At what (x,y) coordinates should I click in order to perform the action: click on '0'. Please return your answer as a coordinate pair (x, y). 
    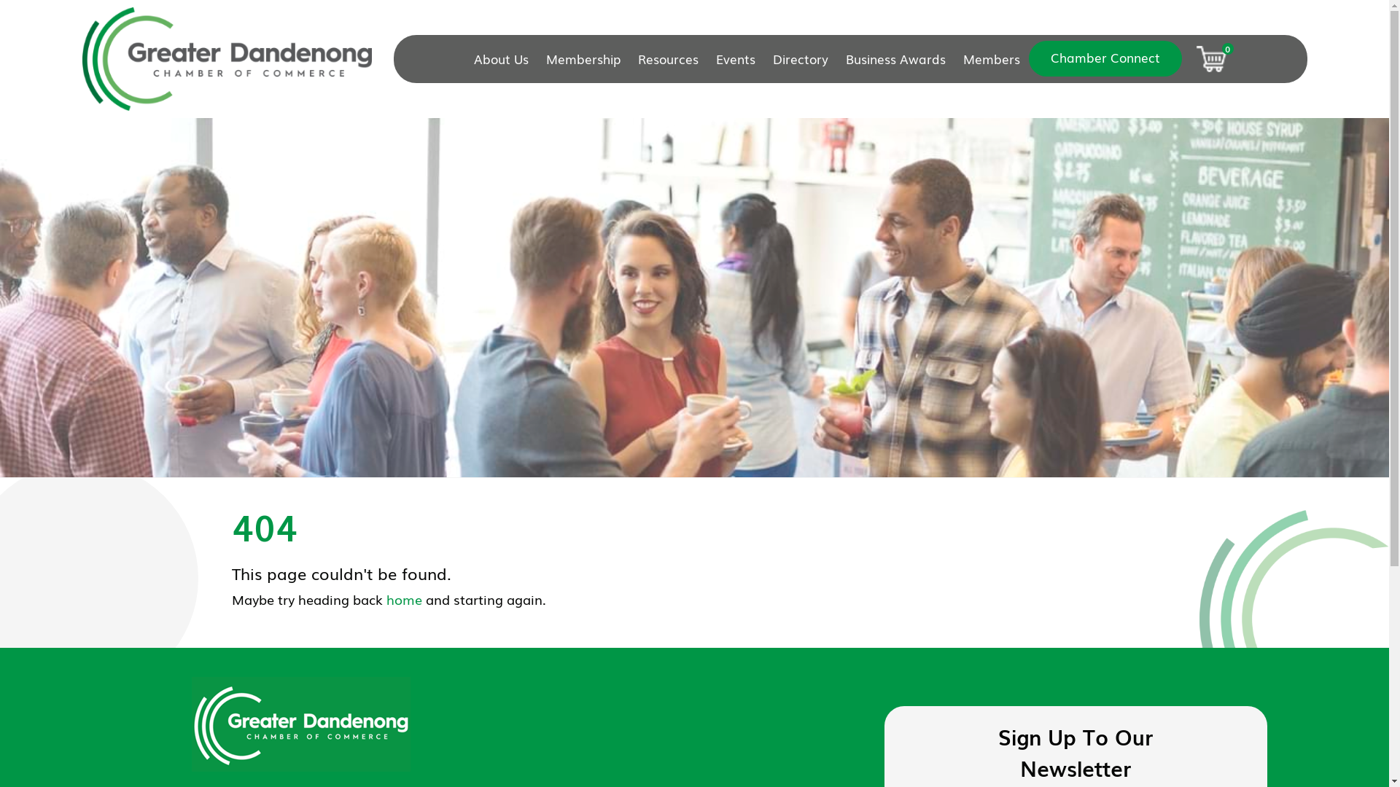
    Looking at the image, I should click on (1211, 58).